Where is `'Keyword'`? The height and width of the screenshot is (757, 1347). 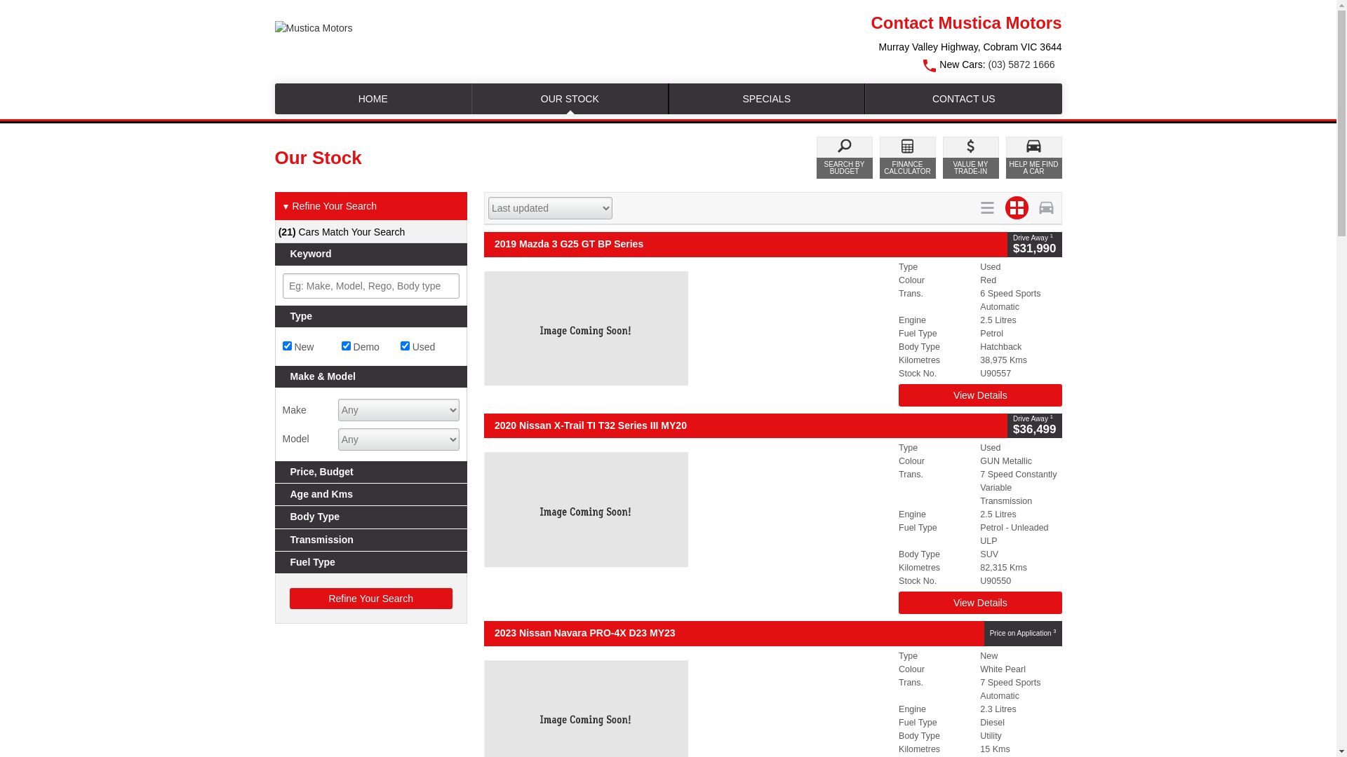
'Keyword' is located at coordinates (371, 254).